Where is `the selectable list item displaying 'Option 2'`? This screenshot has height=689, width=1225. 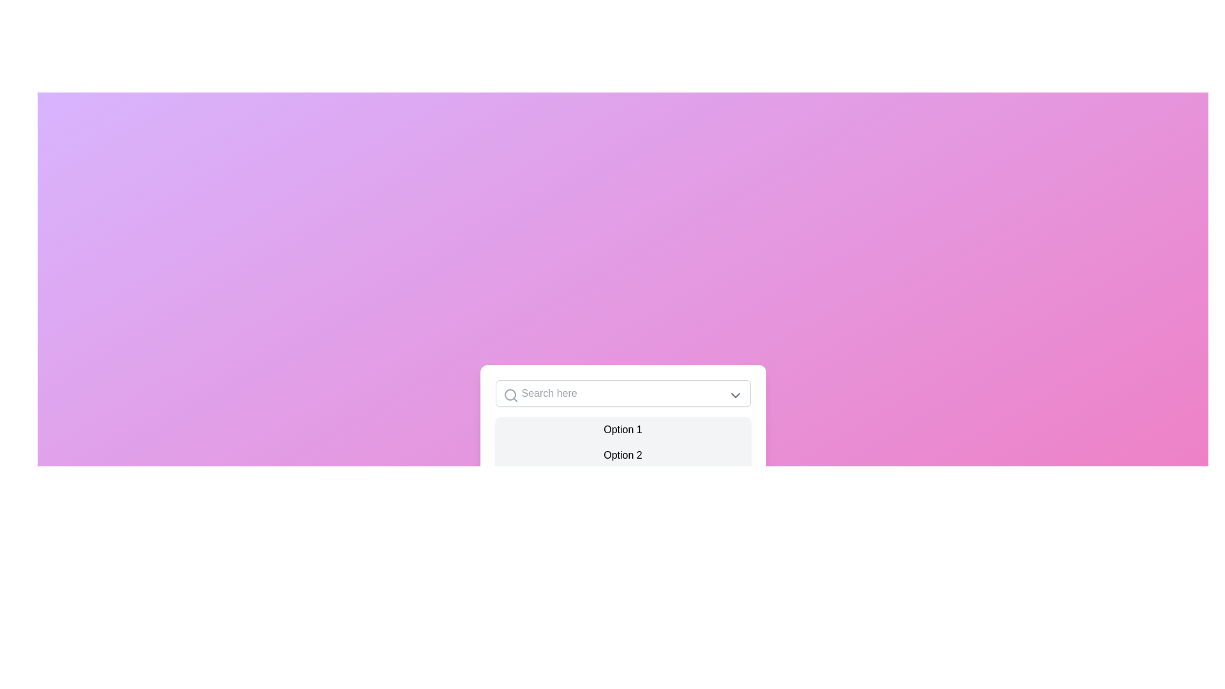 the selectable list item displaying 'Option 2' is located at coordinates (623, 454).